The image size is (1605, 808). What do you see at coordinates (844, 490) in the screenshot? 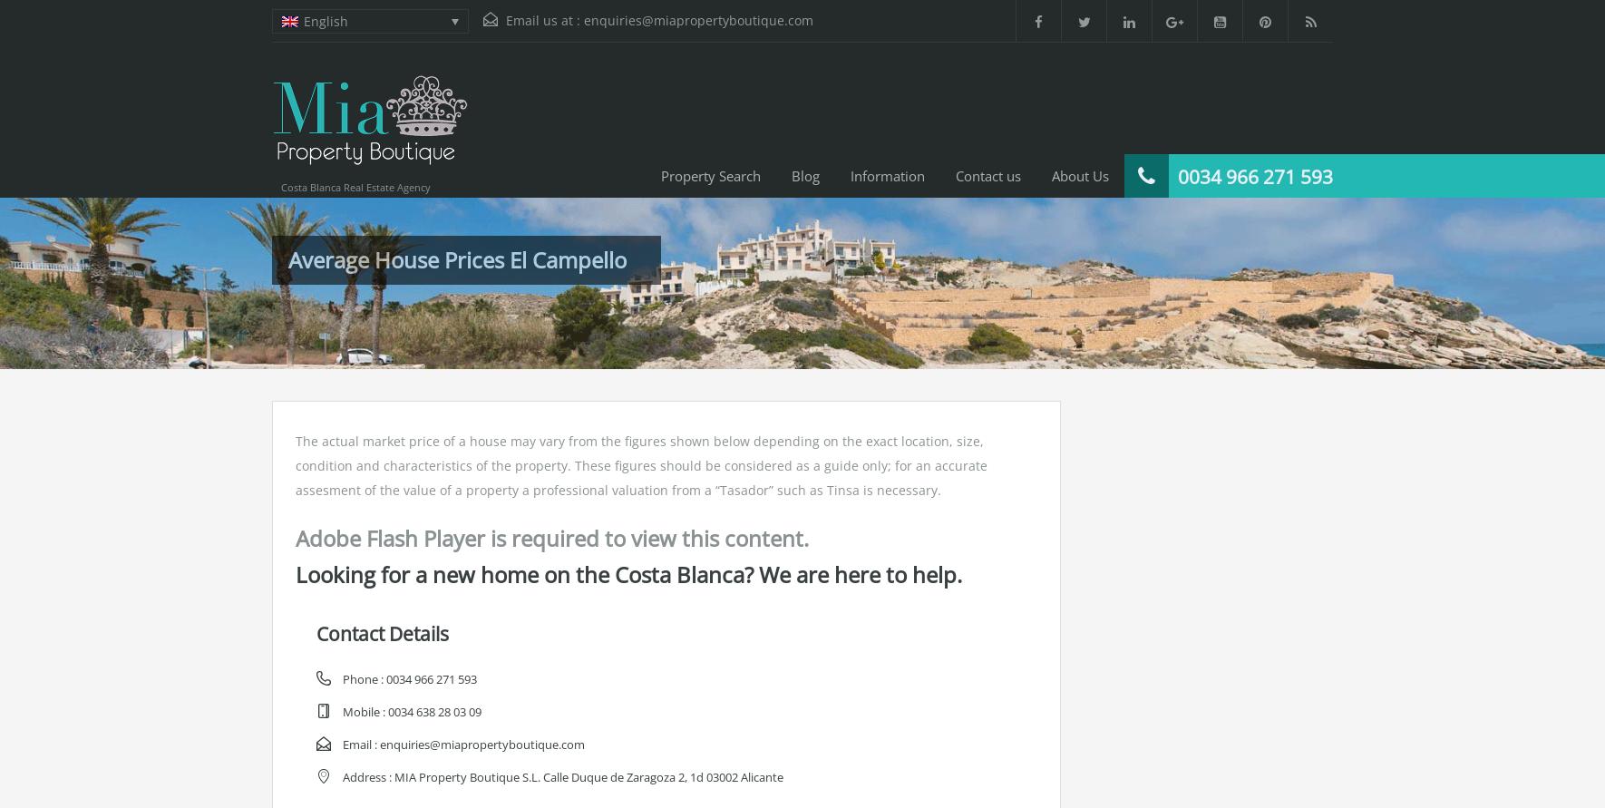
I see `'Tinsa'` at bounding box center [844, 490].